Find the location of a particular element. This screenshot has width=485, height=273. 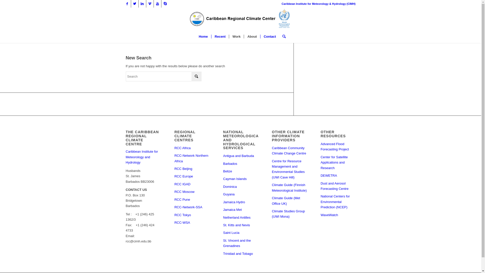

'Contact' is located at coordinates (269, 36).